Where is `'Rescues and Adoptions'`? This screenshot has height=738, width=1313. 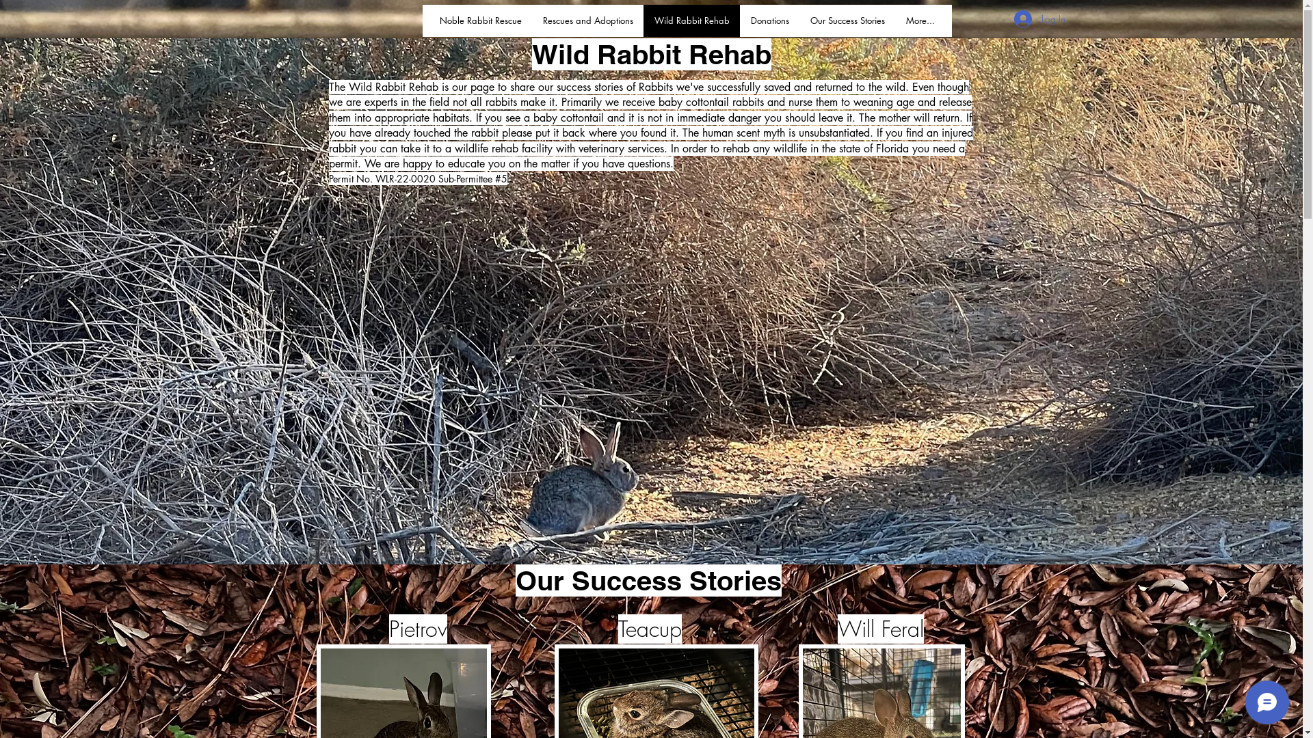
'Rescues and Adoptions' is located at coordinates (587, 20).